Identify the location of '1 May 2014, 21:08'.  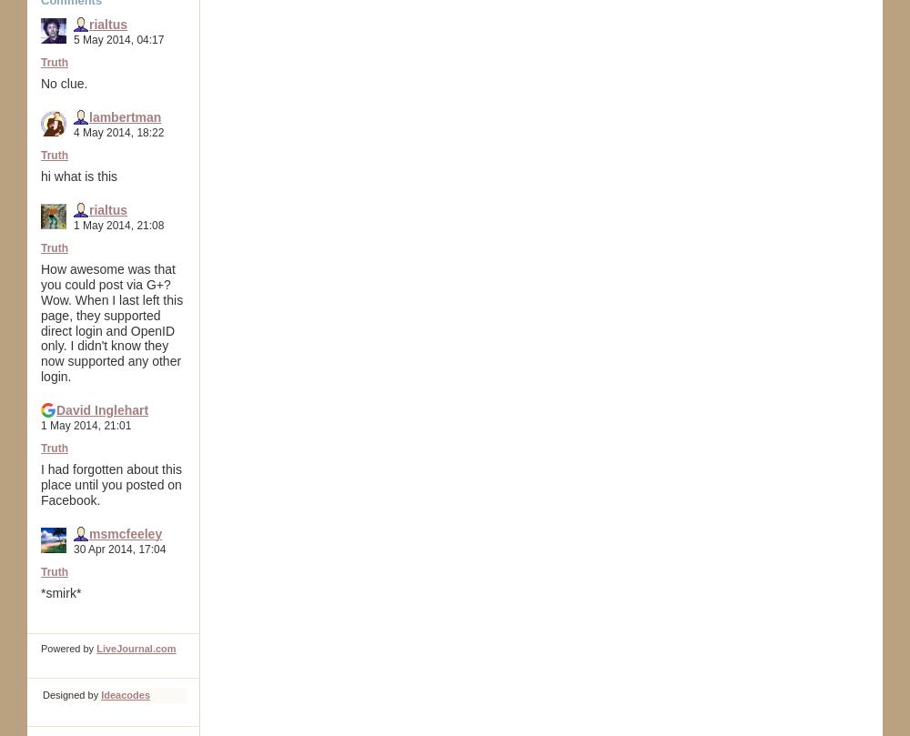
(118, 223).